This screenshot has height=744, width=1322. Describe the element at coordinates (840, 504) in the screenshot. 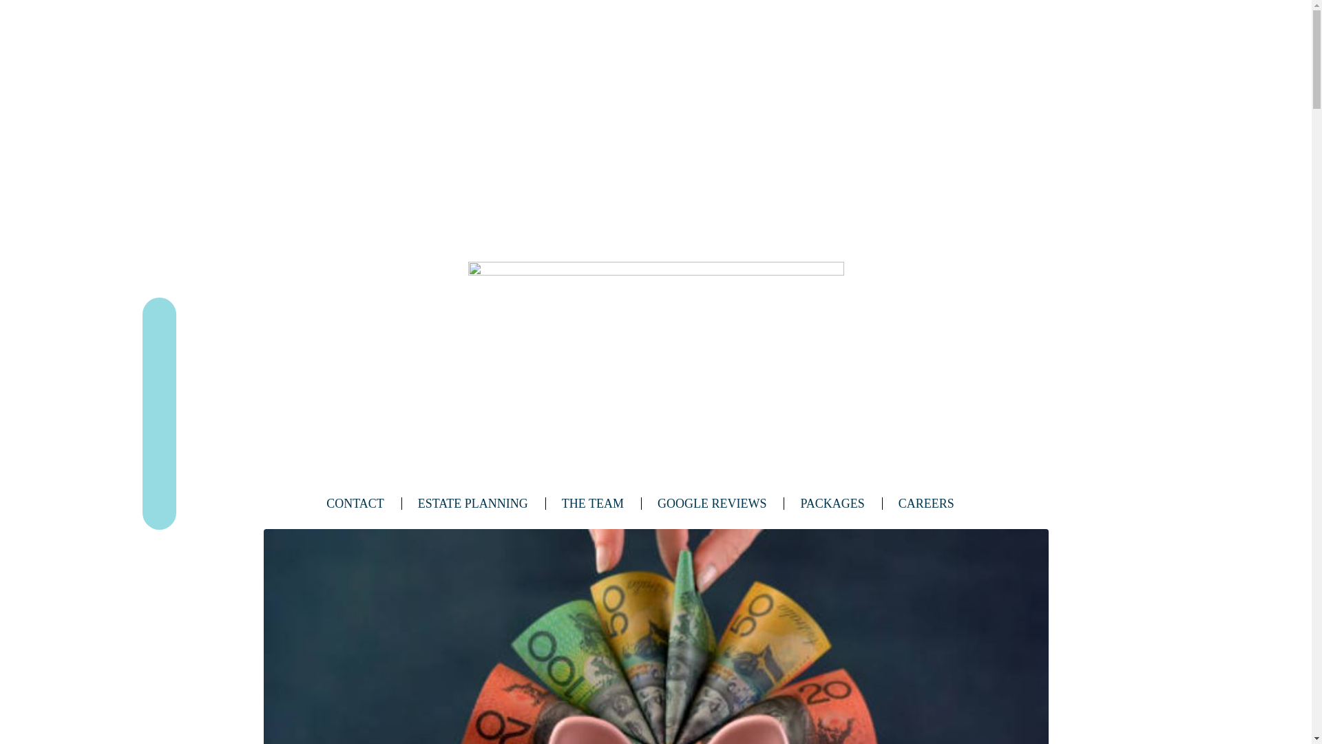

I see `'PACKAGES'` at that location.